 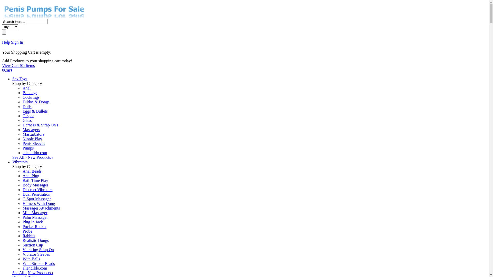 I want to click on 'Vibrators', so click(x=20, y=162).